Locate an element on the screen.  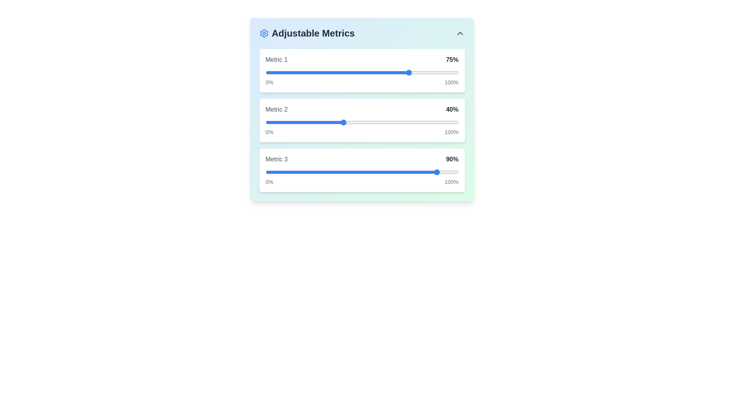
the Text label that indicates the maximum limit (100%) for the Metric 3 slider, which is positioned to the right of the '0%' label is located at coordinates (451, 182).